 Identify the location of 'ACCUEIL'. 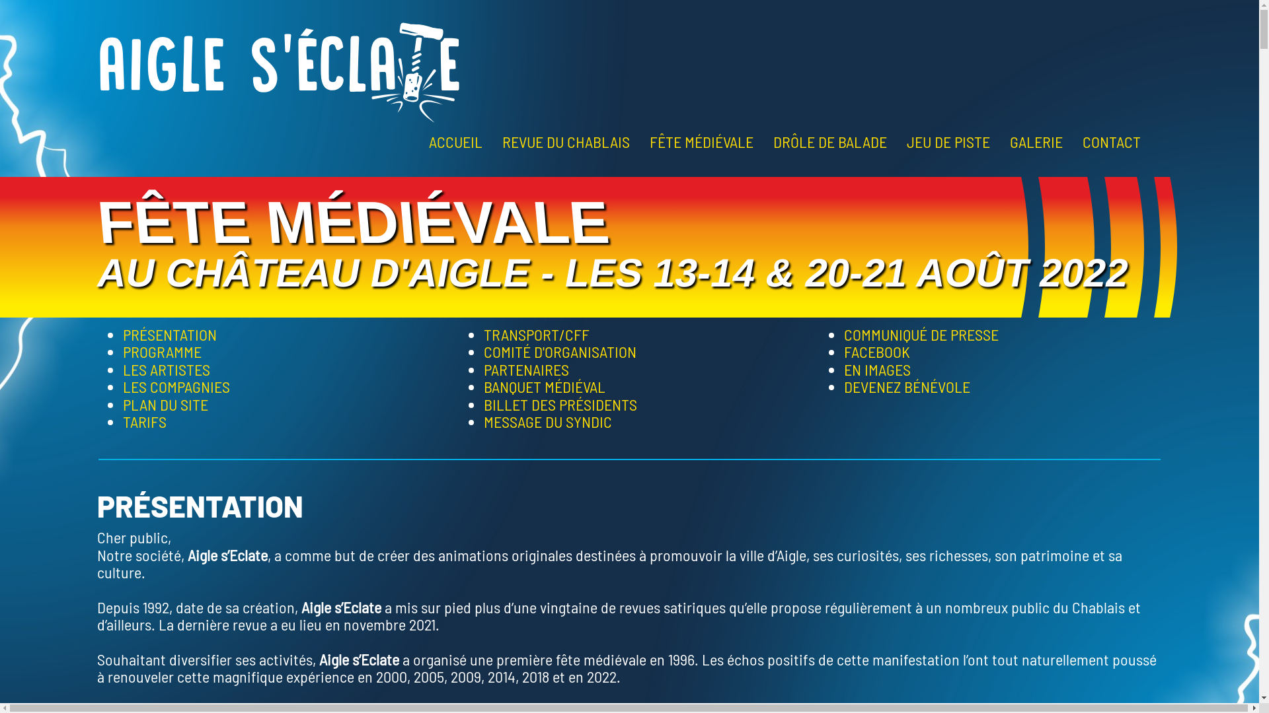
(455, 141).